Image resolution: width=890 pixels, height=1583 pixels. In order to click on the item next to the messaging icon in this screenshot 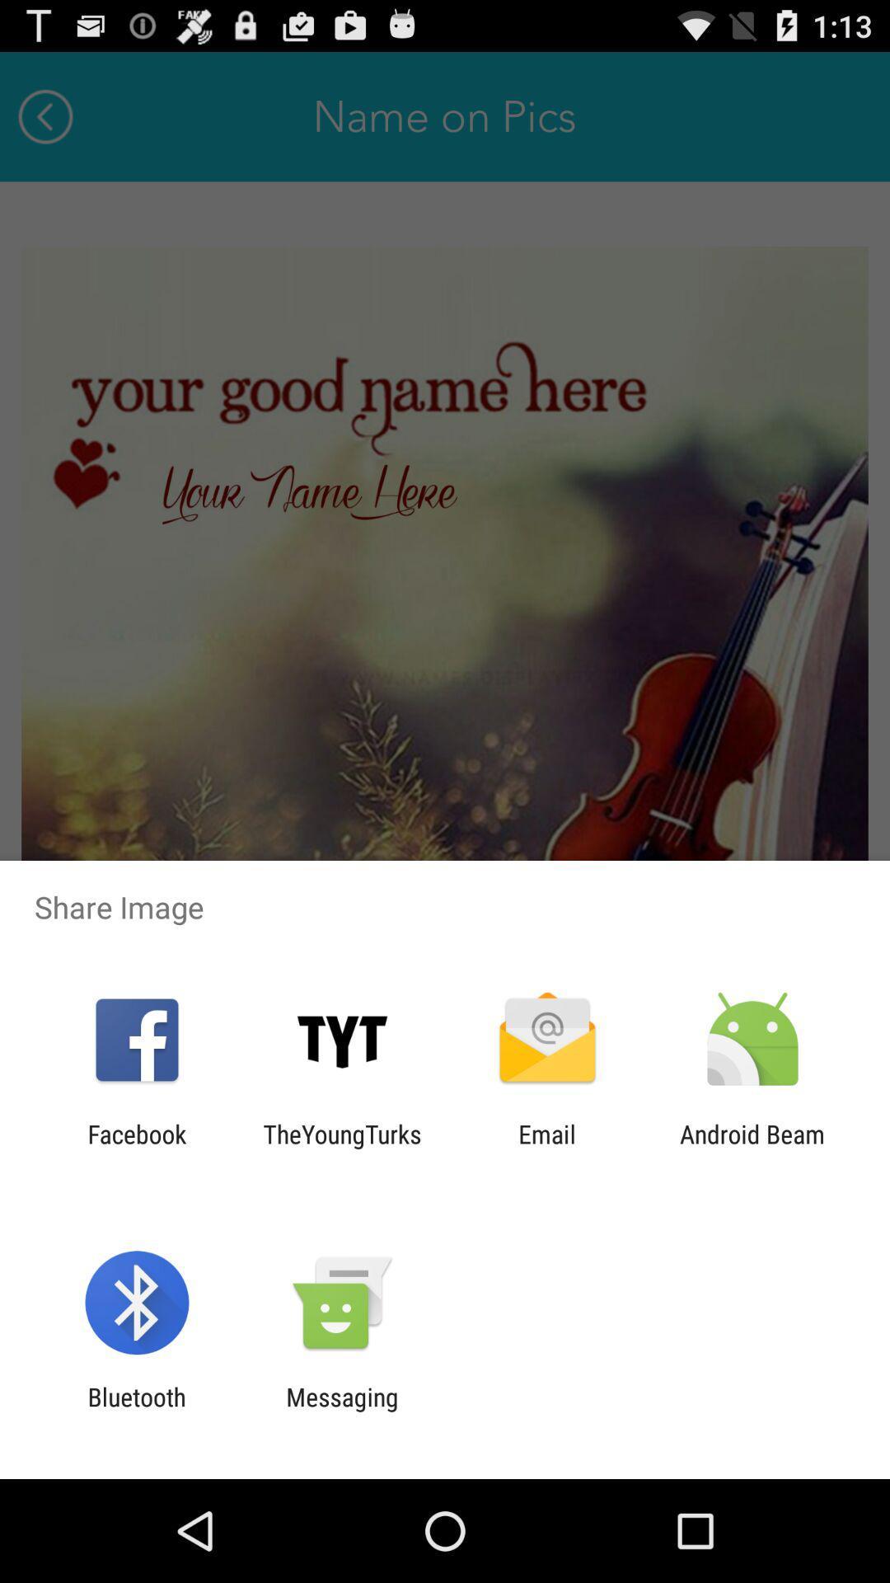, I will do `click(136, 1411)`.